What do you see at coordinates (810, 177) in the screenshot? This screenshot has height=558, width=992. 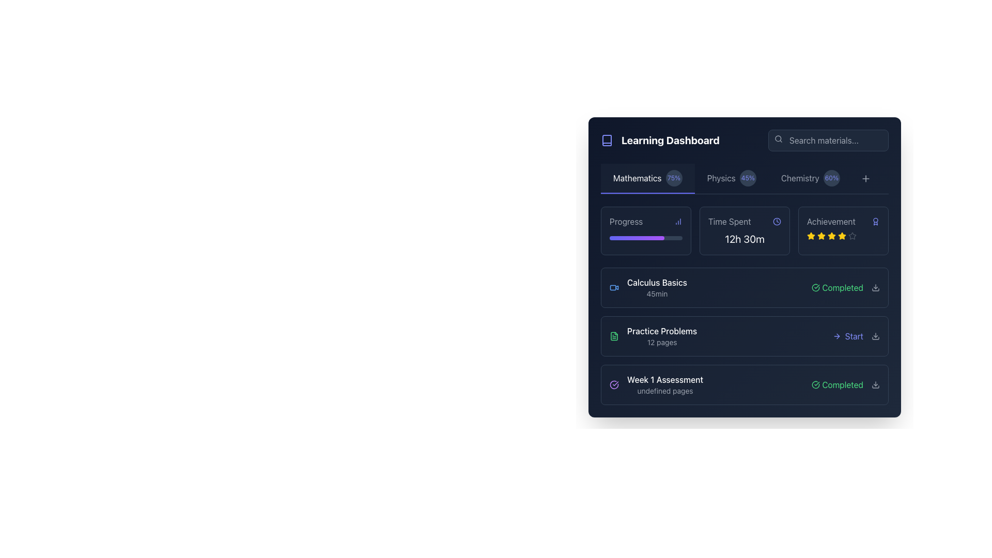 I see `the 'Chemistry' label with the percentage badge displaying '60%' in the top navigation bar` at bounding box center [810, 177].